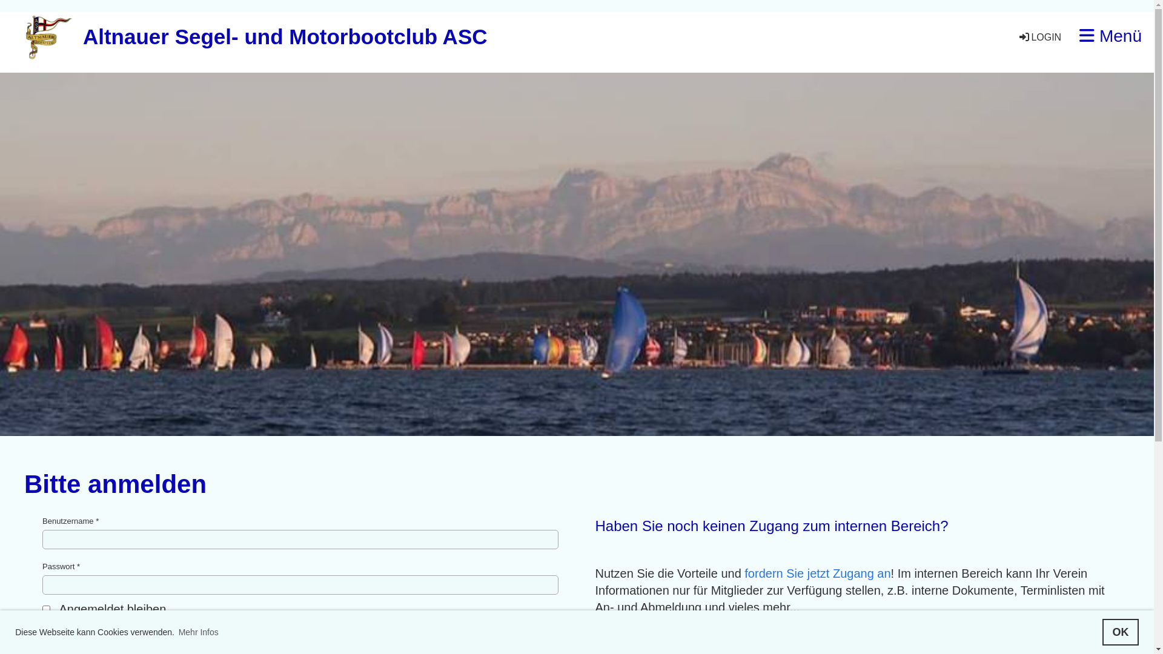  I want to click on 'OK', so click(1119, 632).